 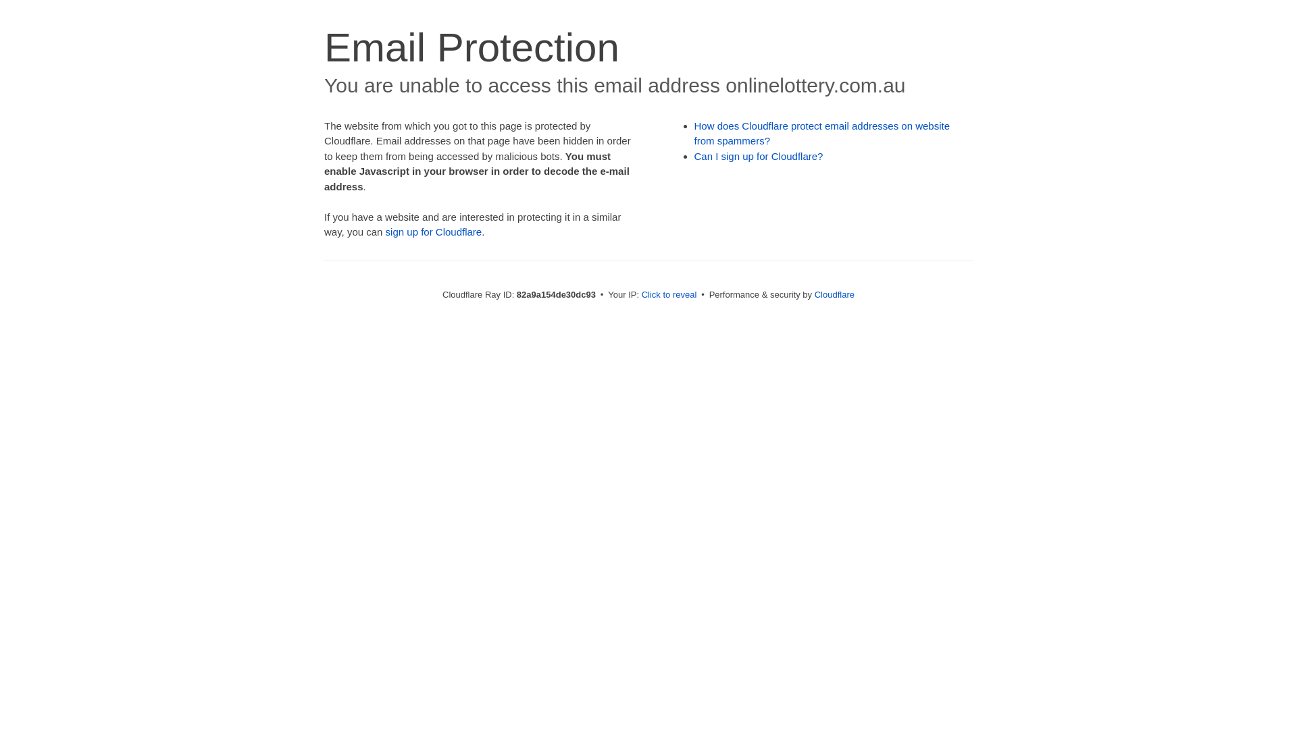 What do you see at coordinates (759, 155) in the screenshot?
I see `'Can I sign up for Cloudflare?'` at bounding box center [759, 155].